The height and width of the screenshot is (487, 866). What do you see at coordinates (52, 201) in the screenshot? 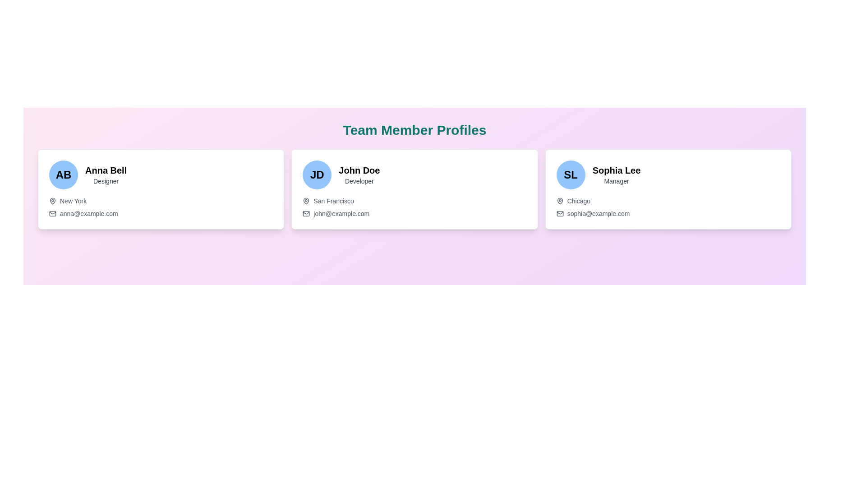
I see `the Decorative Icon located to the left of the text 'New York' within Anna Bell's card` at bounding box center [52, 201].